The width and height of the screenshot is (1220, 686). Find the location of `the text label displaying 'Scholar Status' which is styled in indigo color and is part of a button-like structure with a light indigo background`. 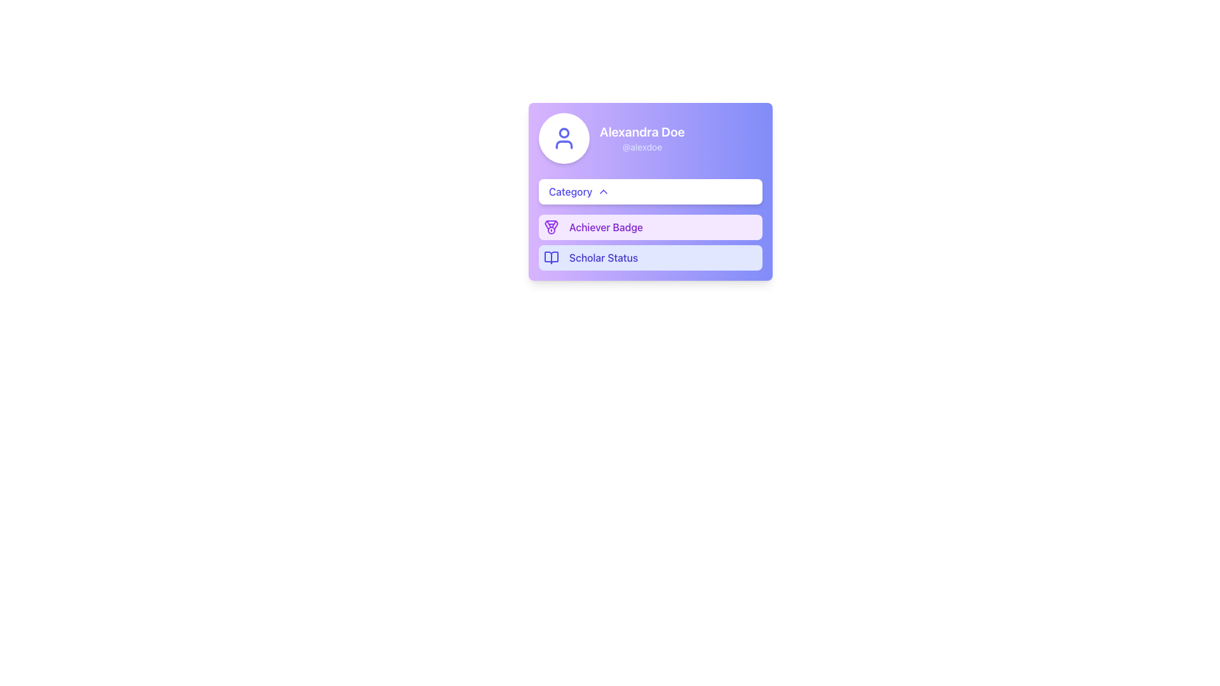

the text label displaying 'Scholar Status' which is styled in indigo color and is part of a button-like structure with a light indigo background is located at coordinates (603, 257).